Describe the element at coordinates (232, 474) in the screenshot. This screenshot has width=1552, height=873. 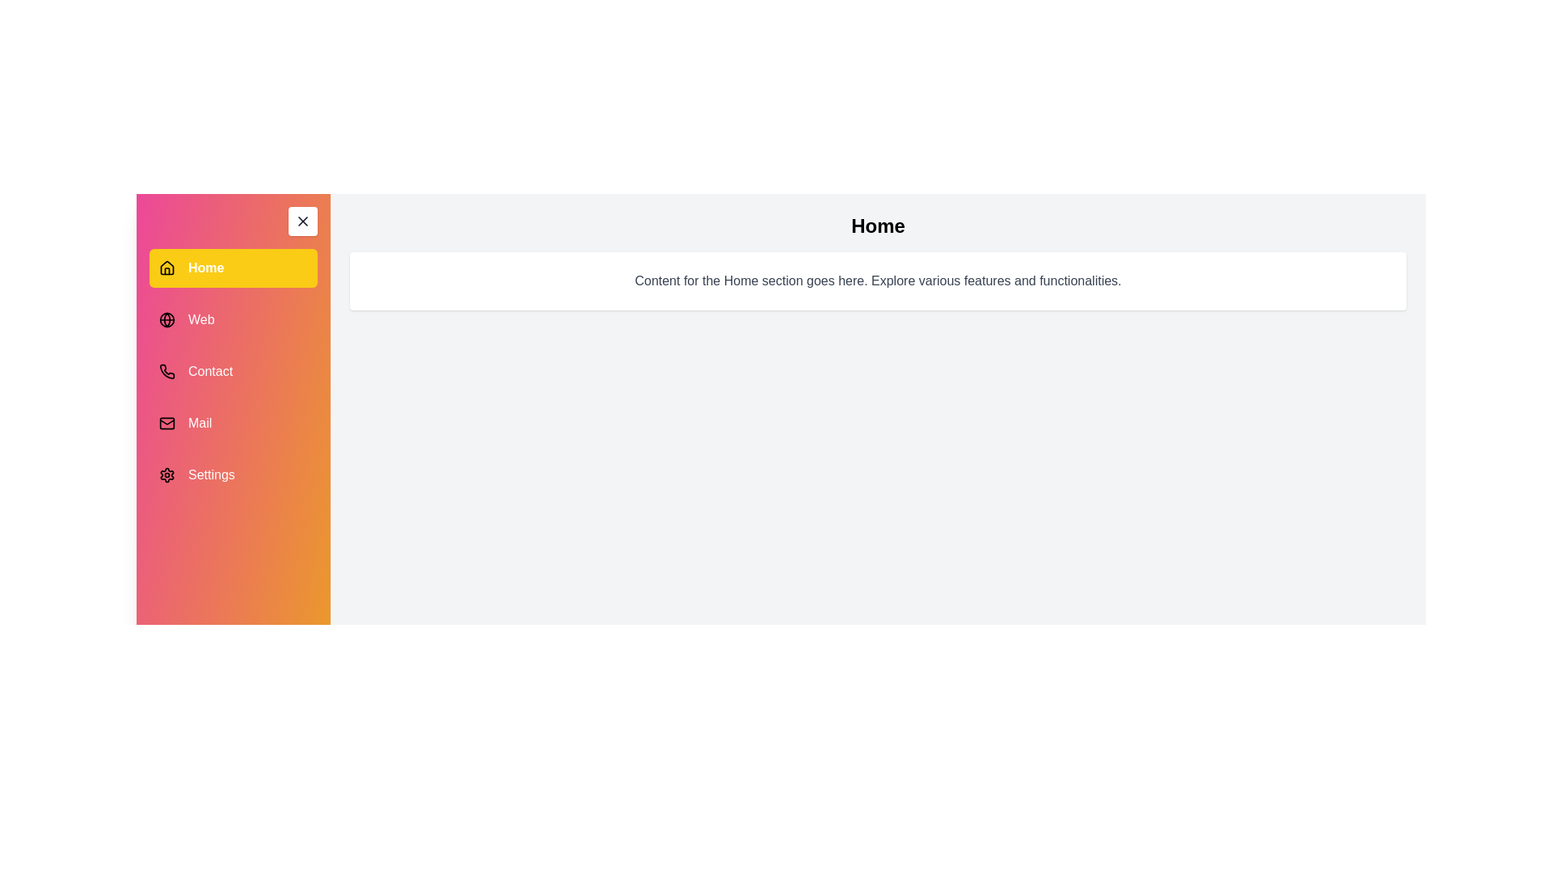
I see `the menu item Settings to view its associated content` at that location.